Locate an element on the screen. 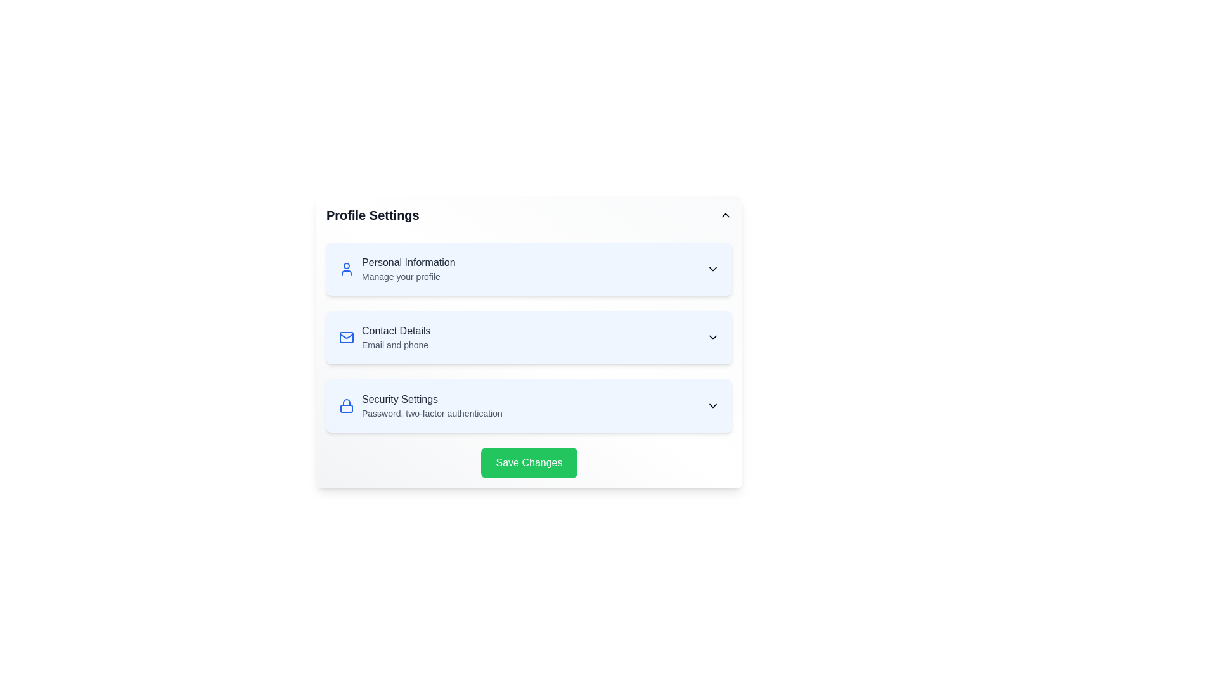 This screenshot has height=684, width=1217. the Collapsible Section Header labeled 'Security Settings' is located at coordinates (529, 405).